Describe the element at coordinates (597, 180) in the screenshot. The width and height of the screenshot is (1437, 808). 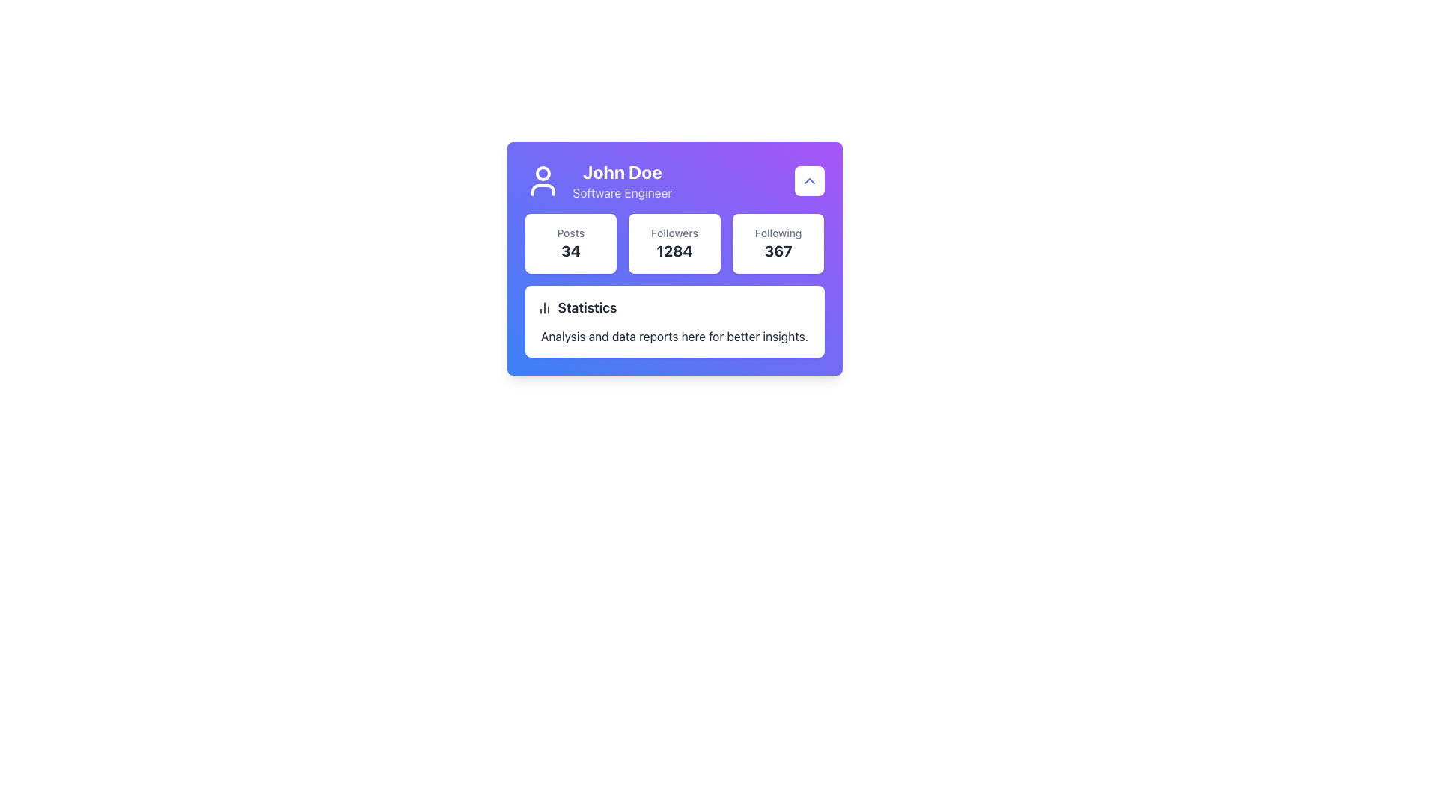
I see `content displayed in the Profile Card Header, which includes the name 'John Doe' and the title 'Software Engineer'` at that location.